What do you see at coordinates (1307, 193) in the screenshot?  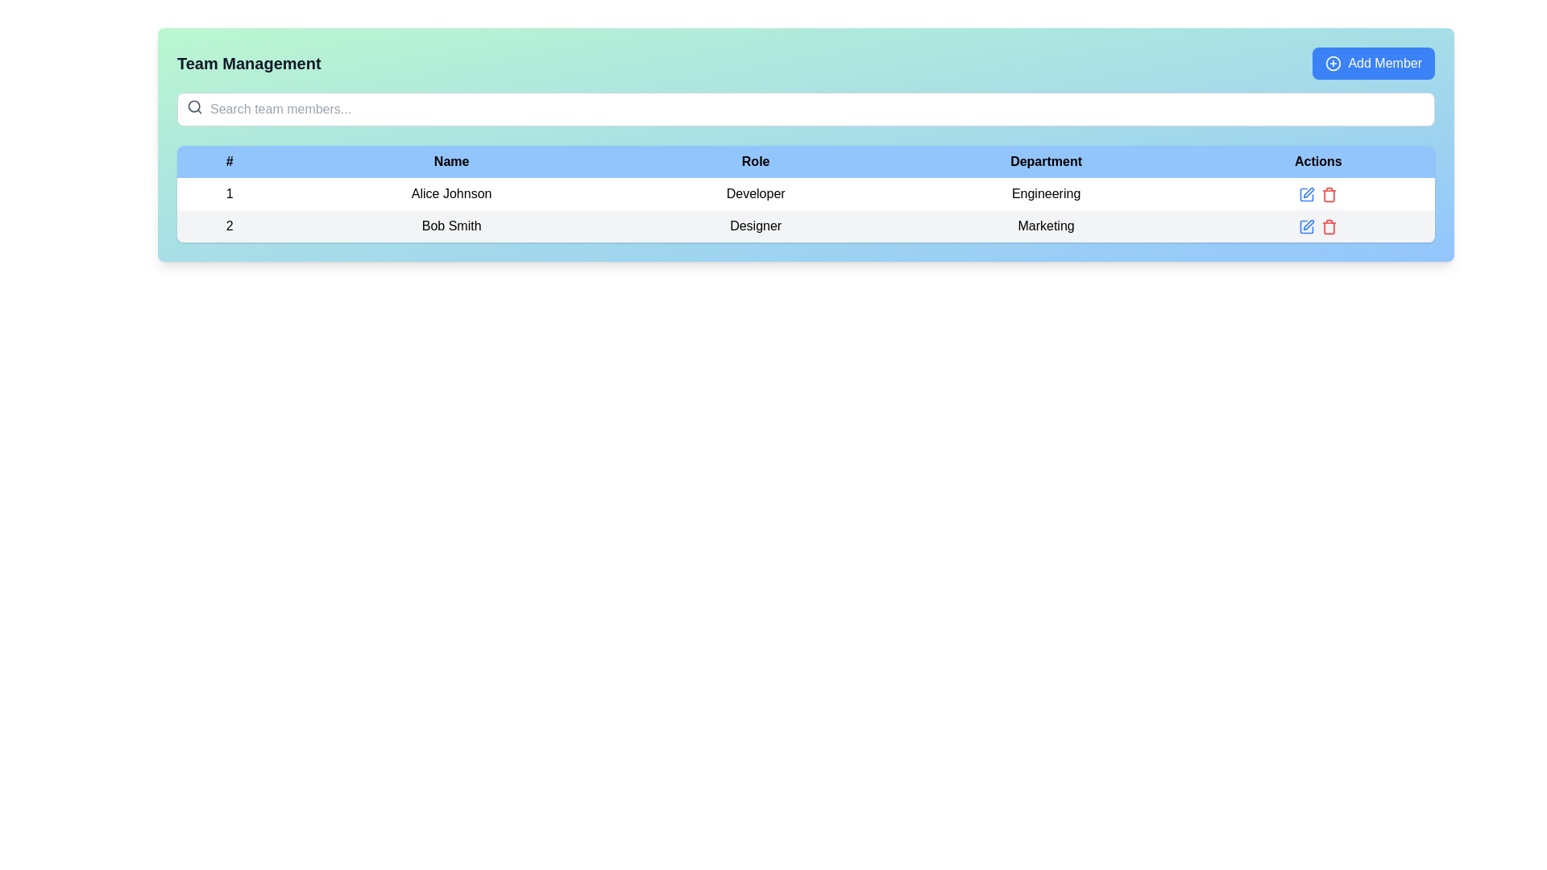 I see `the edit icon button located in the 'Actions' column of the first row in the table to change its color` at bounding box center [1307, 193].